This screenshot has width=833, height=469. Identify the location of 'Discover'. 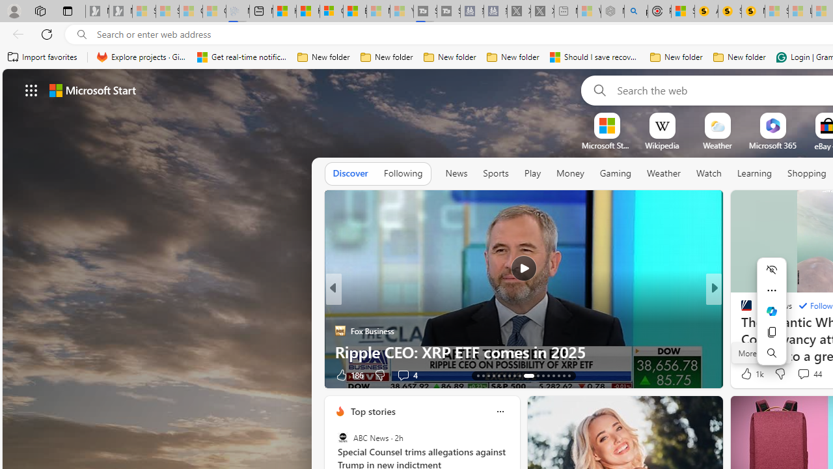
(350, 173).